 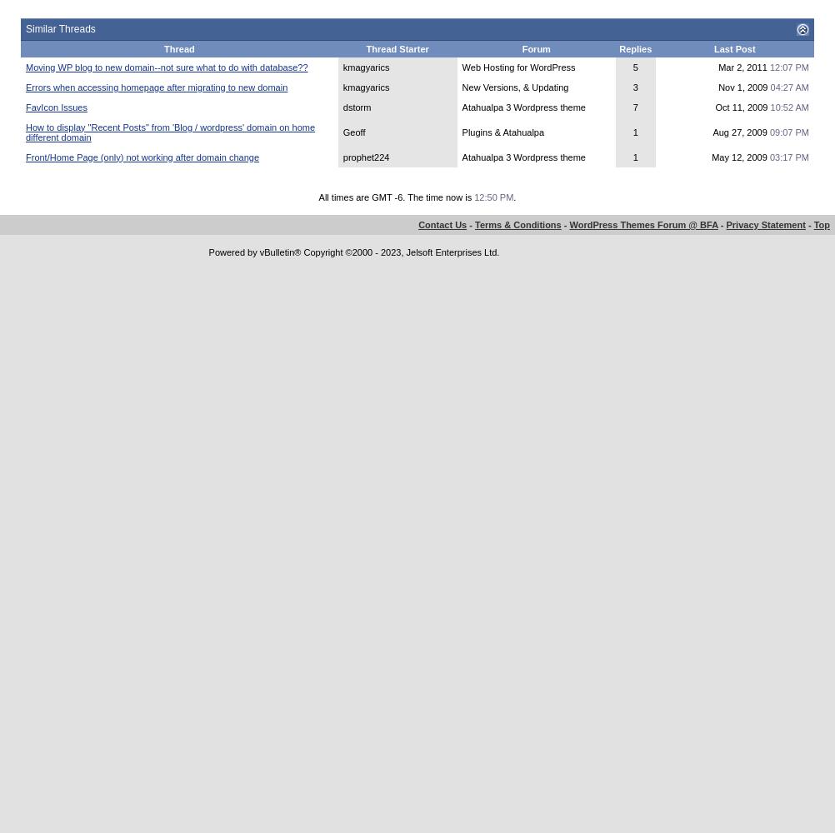 I want to click on 'Plugins & Atahualpa', so click(x=462, y=132).